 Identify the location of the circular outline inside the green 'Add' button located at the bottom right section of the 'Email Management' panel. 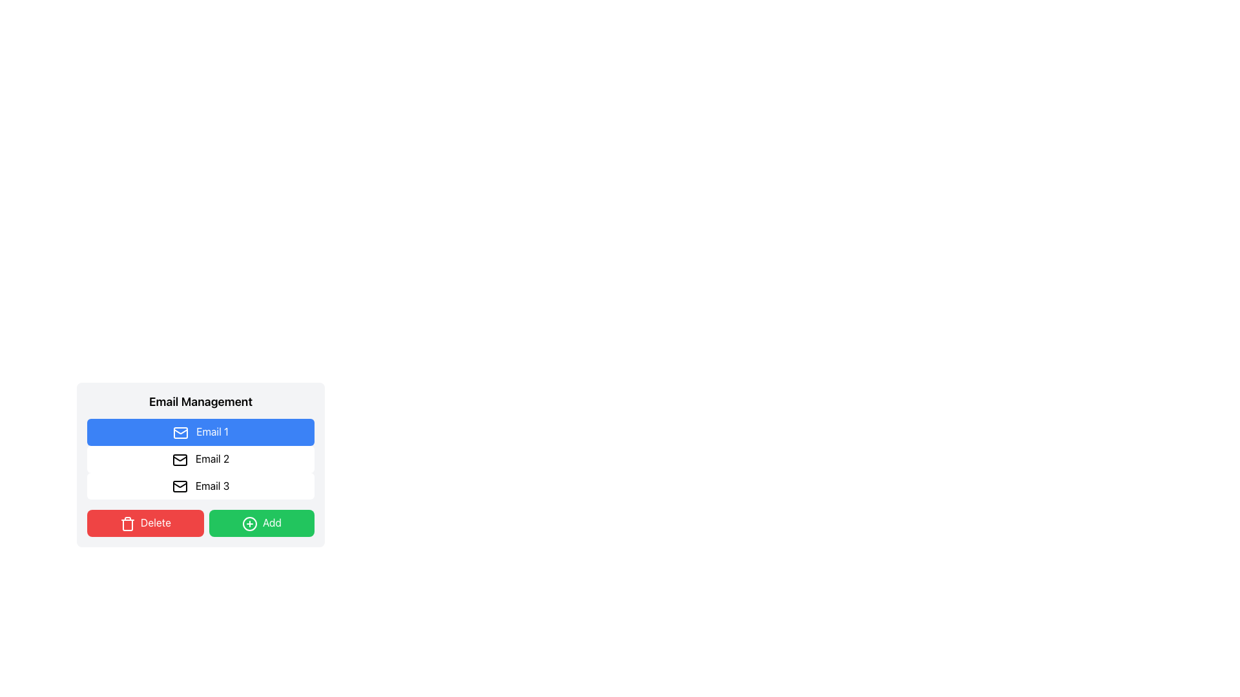
(249, 524).